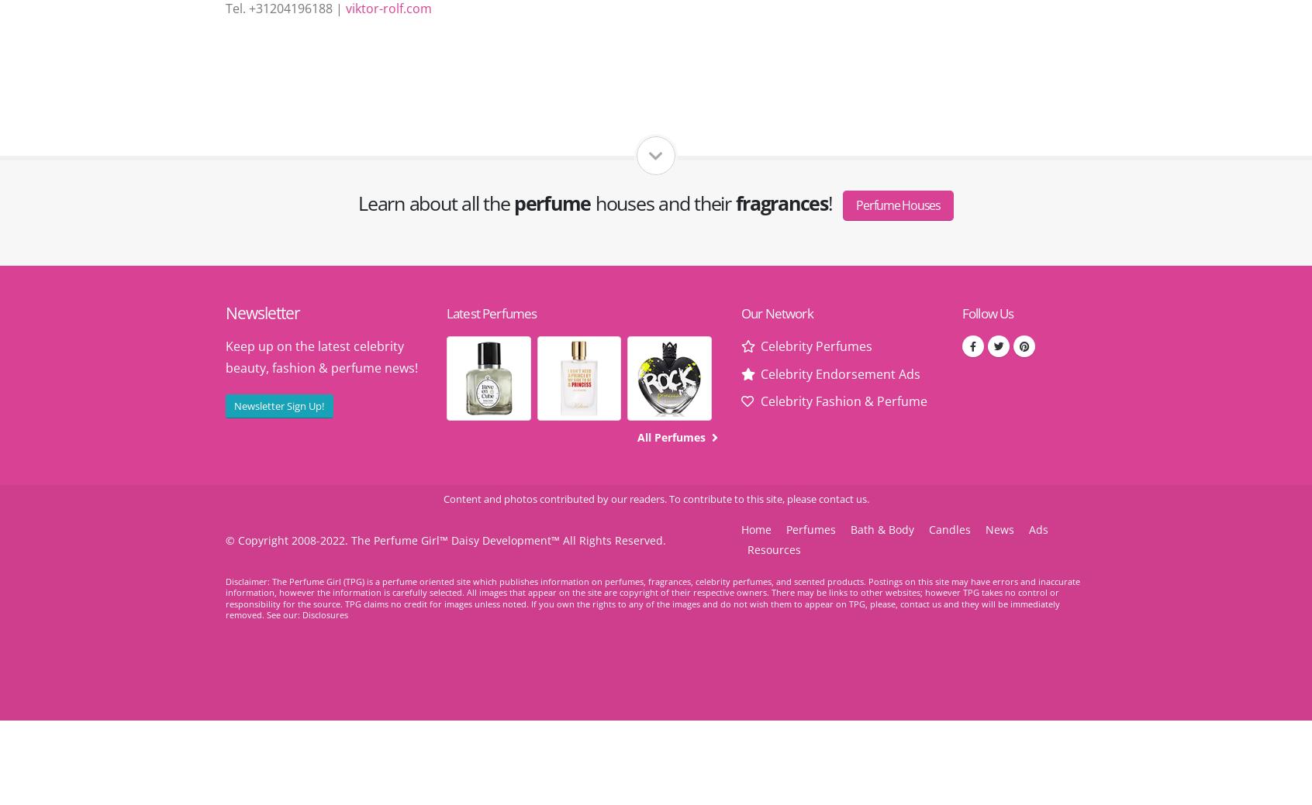 Image resolution: width=1312 pixels, height=805 pixels. Describe the element at coordinates (1038, 528) in the screenshot. I see `'Ads'` at that location.